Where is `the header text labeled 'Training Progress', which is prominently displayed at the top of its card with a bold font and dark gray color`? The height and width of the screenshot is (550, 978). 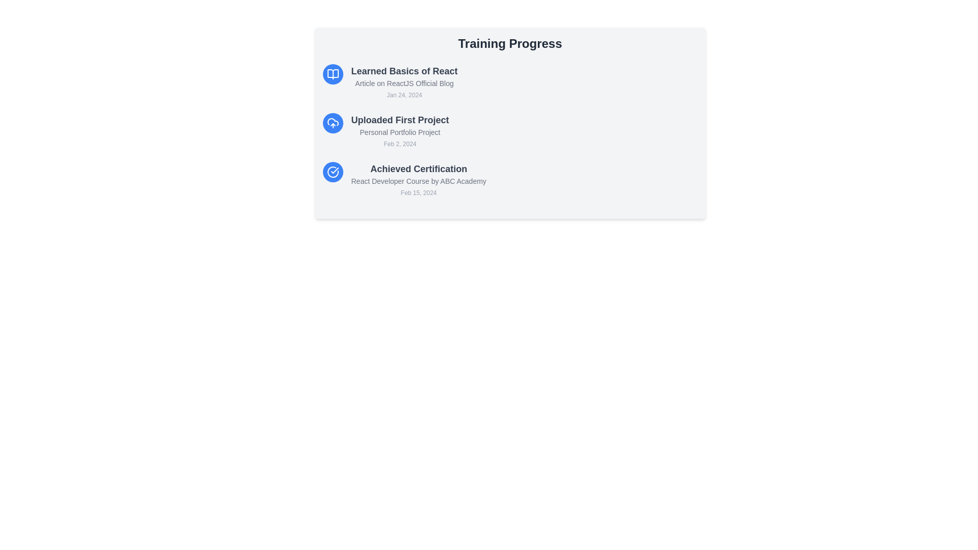
the header text labeled 'Training Progress', which is prominently displayed at the top of its card with a bold font and dark gray color is located at coordinates (510, 43).